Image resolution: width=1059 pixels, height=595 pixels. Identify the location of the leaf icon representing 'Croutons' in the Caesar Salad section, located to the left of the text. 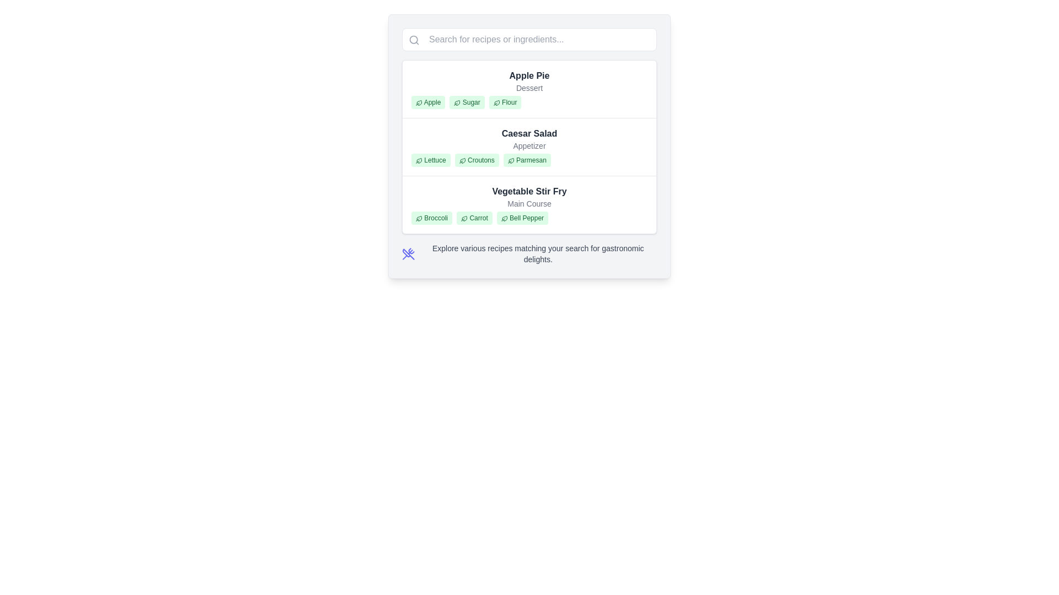
(462, 160).